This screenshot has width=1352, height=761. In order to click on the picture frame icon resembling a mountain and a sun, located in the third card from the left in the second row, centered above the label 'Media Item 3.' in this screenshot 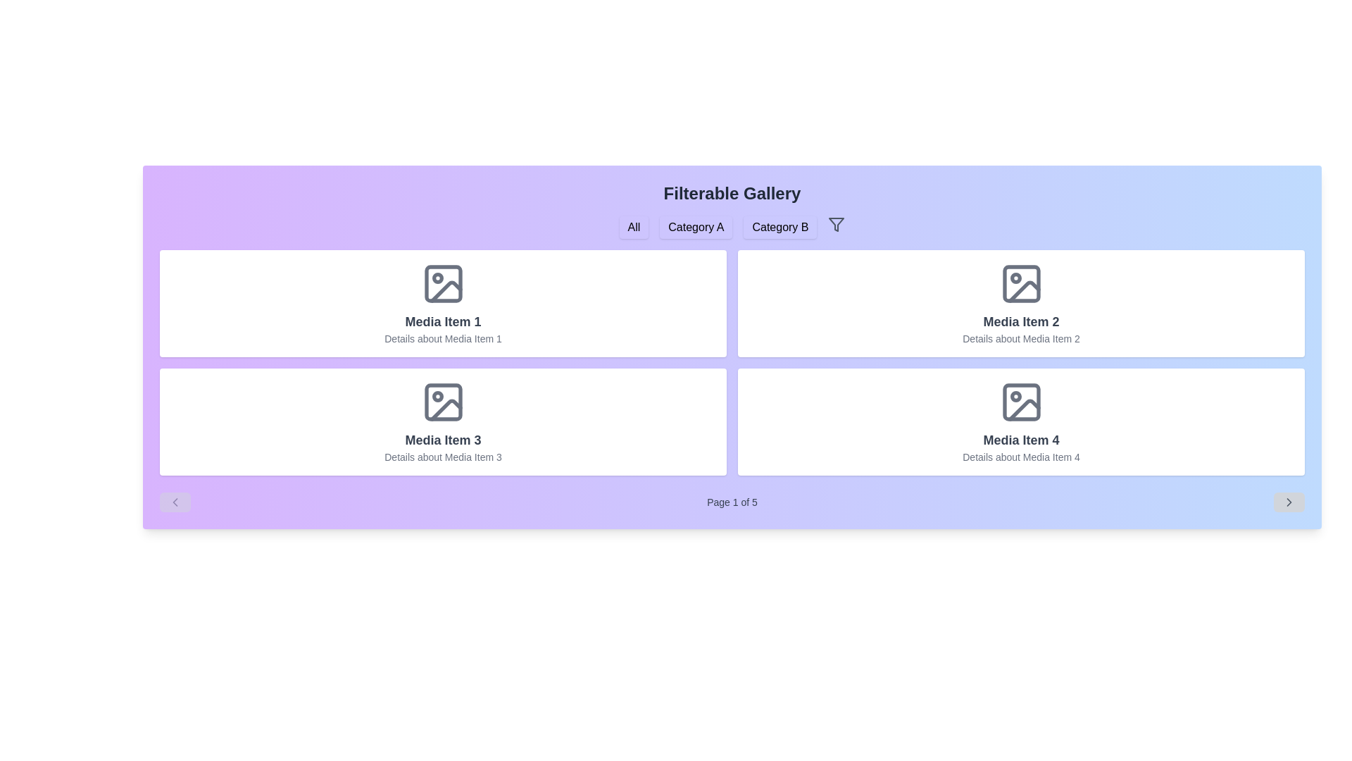, I will do `click(442, 402)`.